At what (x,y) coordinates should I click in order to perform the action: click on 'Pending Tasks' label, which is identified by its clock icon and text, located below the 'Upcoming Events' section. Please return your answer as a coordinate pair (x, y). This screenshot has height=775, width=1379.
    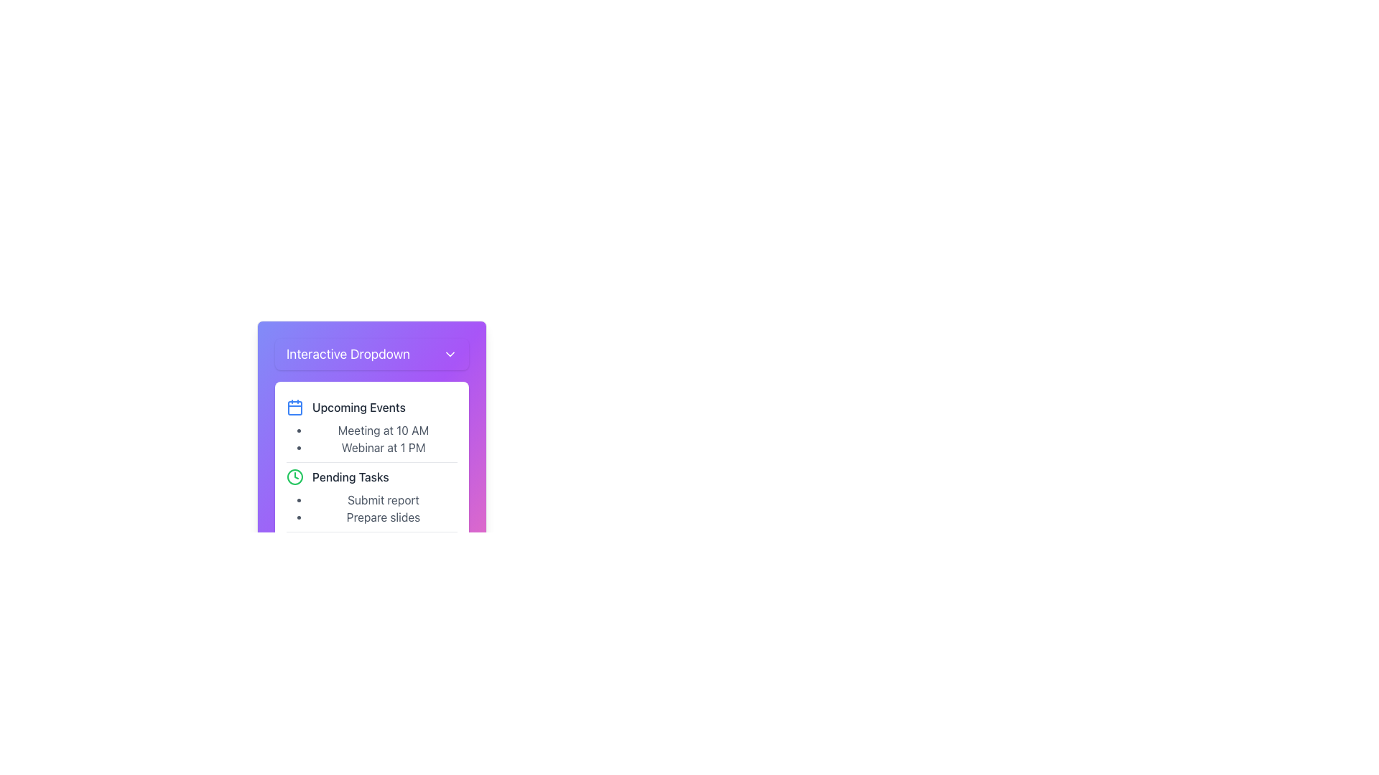
    Looking at the image, I should click on (372, 476).